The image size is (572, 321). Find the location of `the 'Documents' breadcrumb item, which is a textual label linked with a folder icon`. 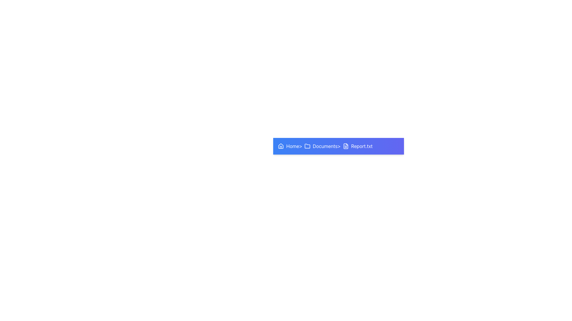

the 'Documents' breadcrumb item, which is a textual label linked with a folder icon is located at coordinates (321, 146).